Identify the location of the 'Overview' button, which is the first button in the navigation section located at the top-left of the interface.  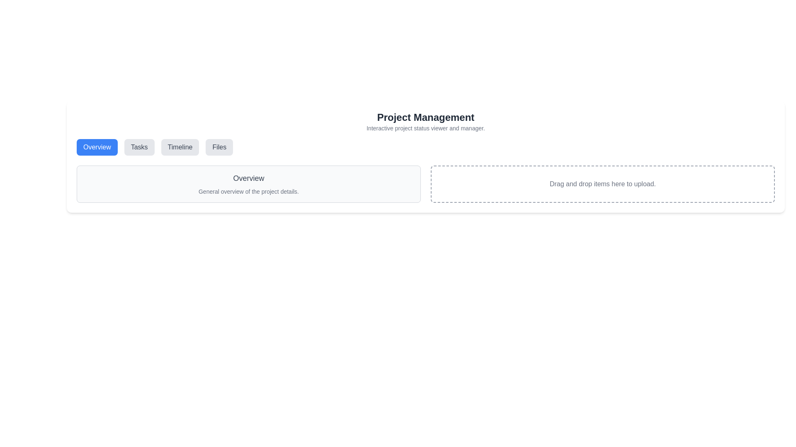
(97, 147).